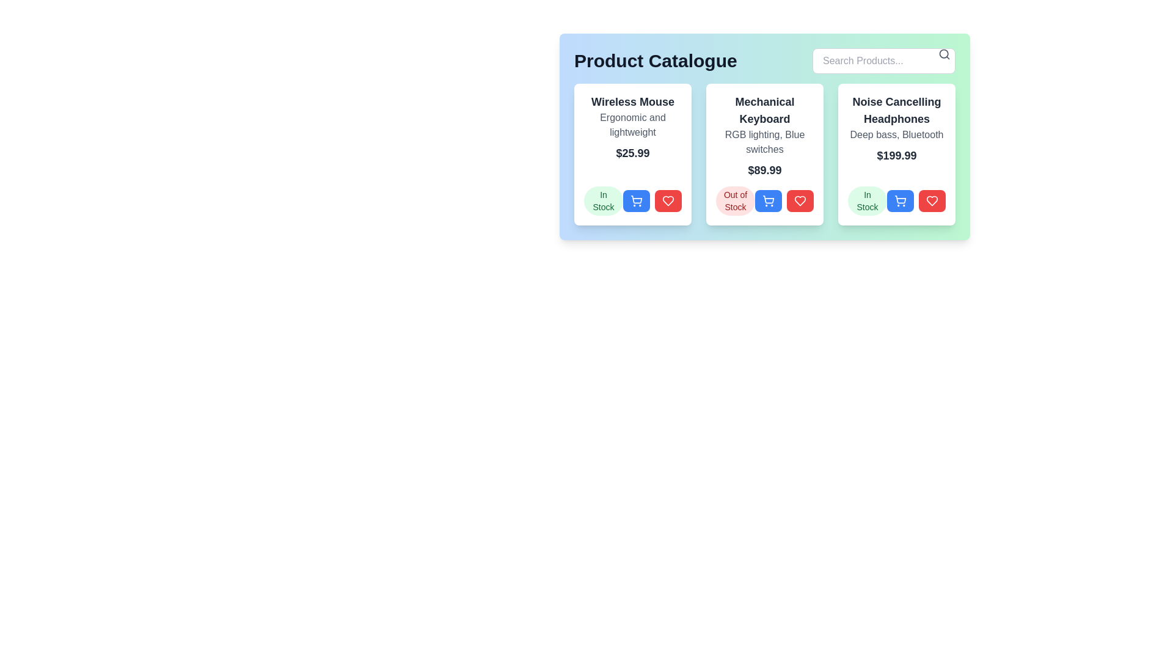  What do you see at coordinates (735, 200) in the screenshot?
I see `the pill-shaped label displaying 'Out of Stock' in bold red letters, located at the bottom-left corner of the second product card in the horizontal product carousel` at bounding box center [735, 200].